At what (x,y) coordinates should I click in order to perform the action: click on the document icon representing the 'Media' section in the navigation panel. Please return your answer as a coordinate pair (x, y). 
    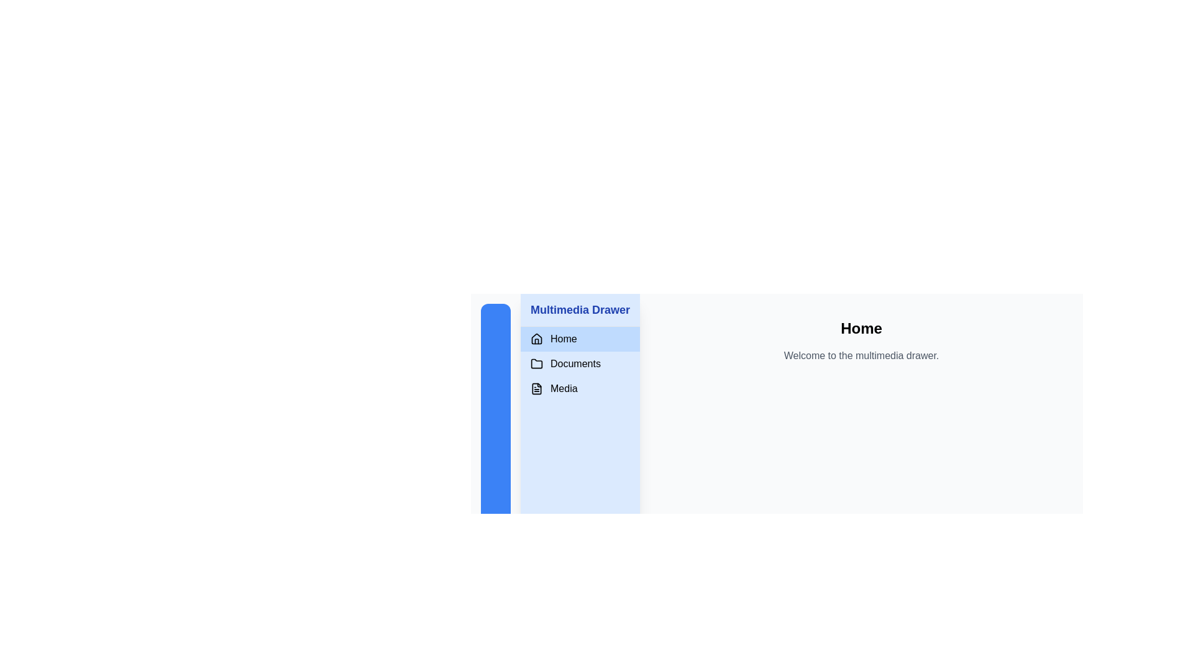
    Looking at the image, I should click on (537, 388).